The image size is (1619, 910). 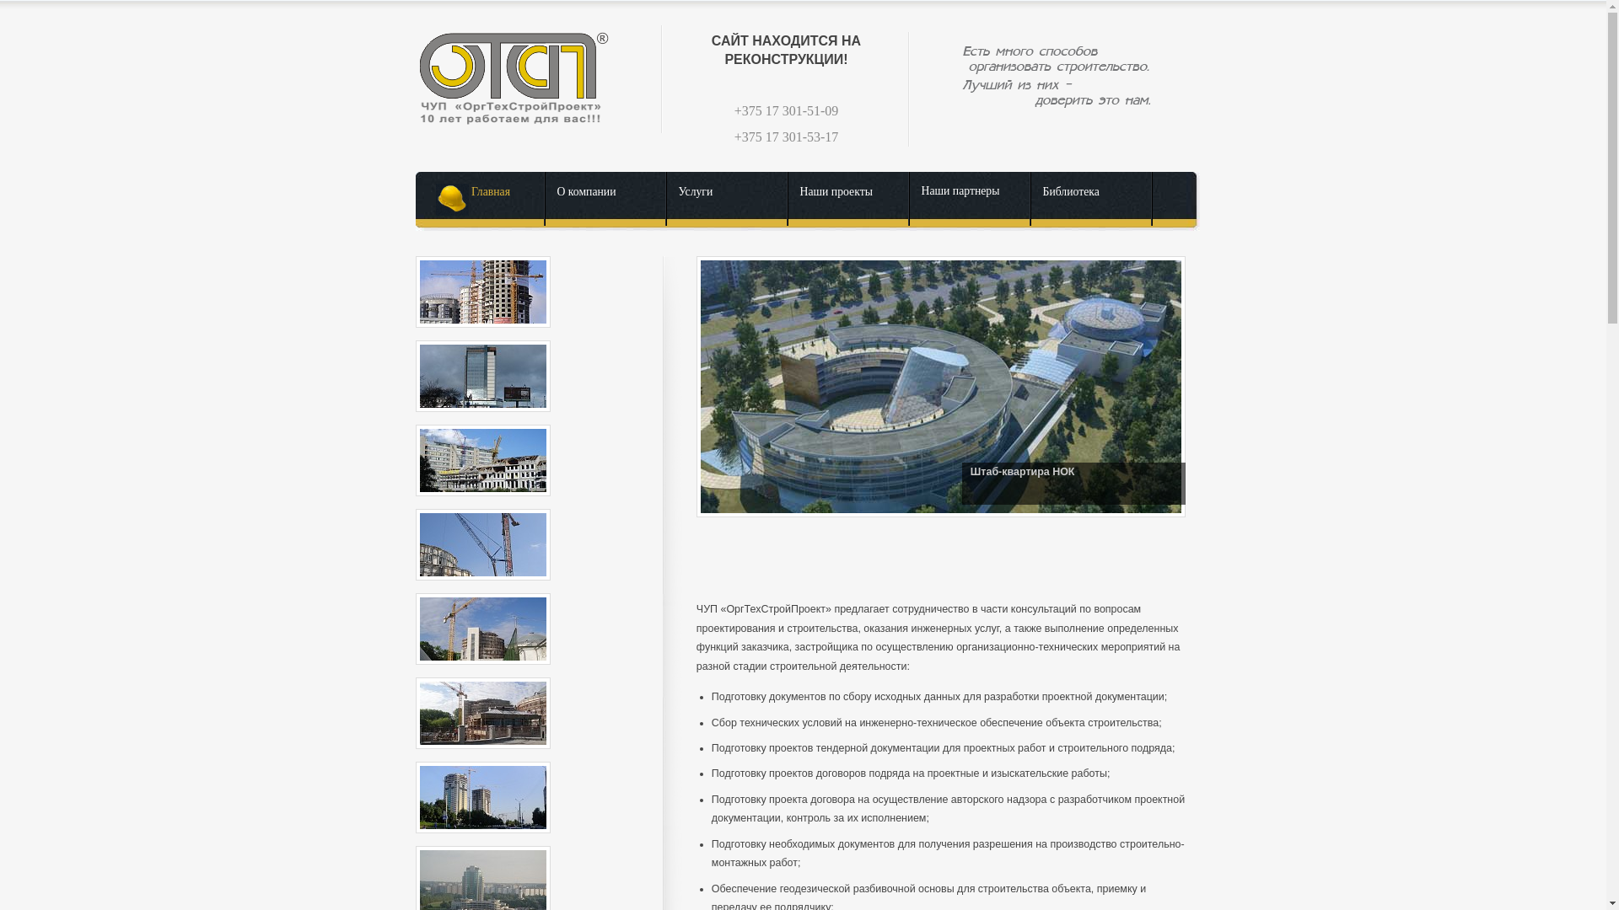 I want to click on '02JPG - ', so click(x=481, y=375).